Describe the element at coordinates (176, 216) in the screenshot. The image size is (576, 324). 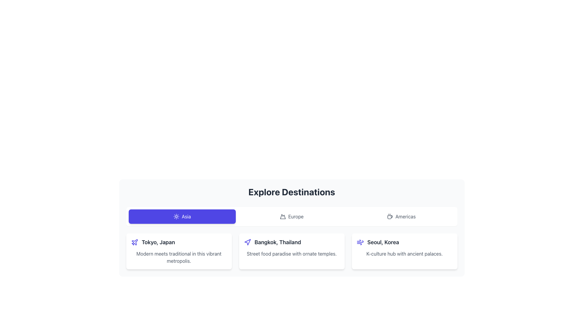
I see `the icon representing 'Asia' located to the left of the text within the 'Asia' button in the navigation menu of the 'Explore Destinations' section` at that location.